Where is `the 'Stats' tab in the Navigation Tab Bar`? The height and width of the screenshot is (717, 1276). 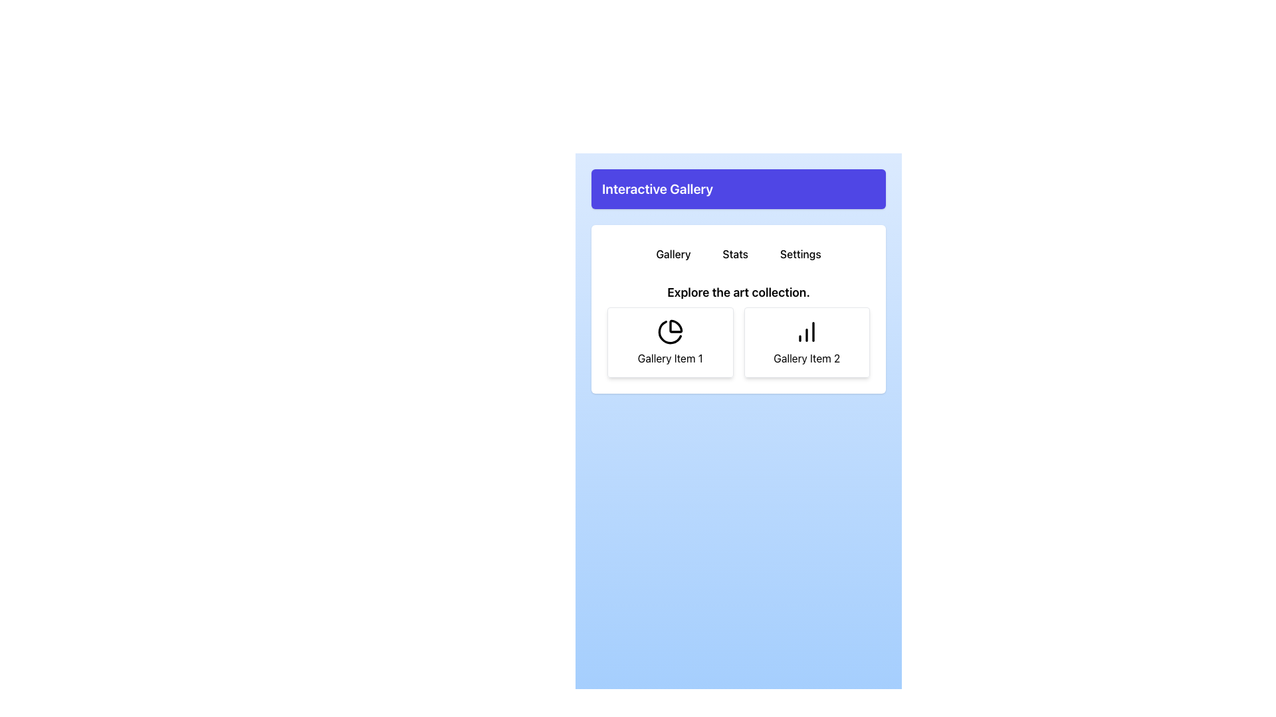 the 'Stats' tab in the Navigation Tab Bar is located at coordinates (738, 254).